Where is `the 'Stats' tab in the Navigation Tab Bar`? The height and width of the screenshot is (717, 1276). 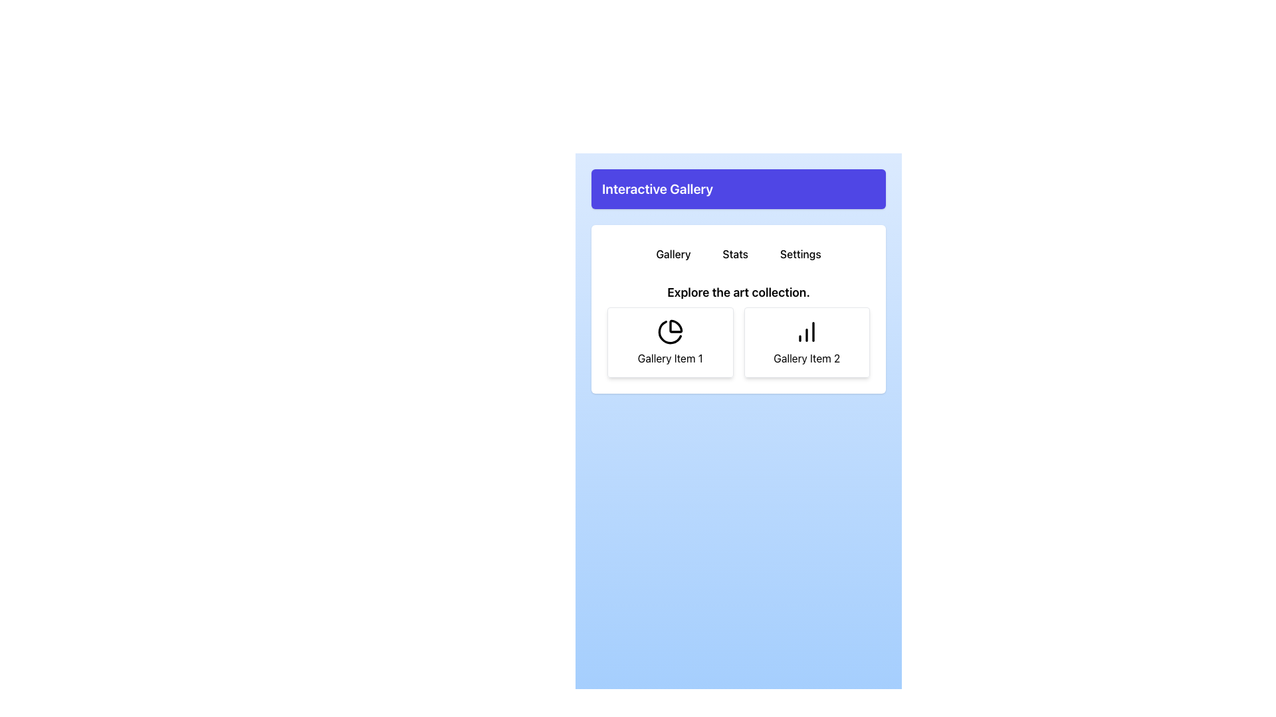 the 'Stats' tab in the Navigation Tab Bar is located at coordinates (738, 254).